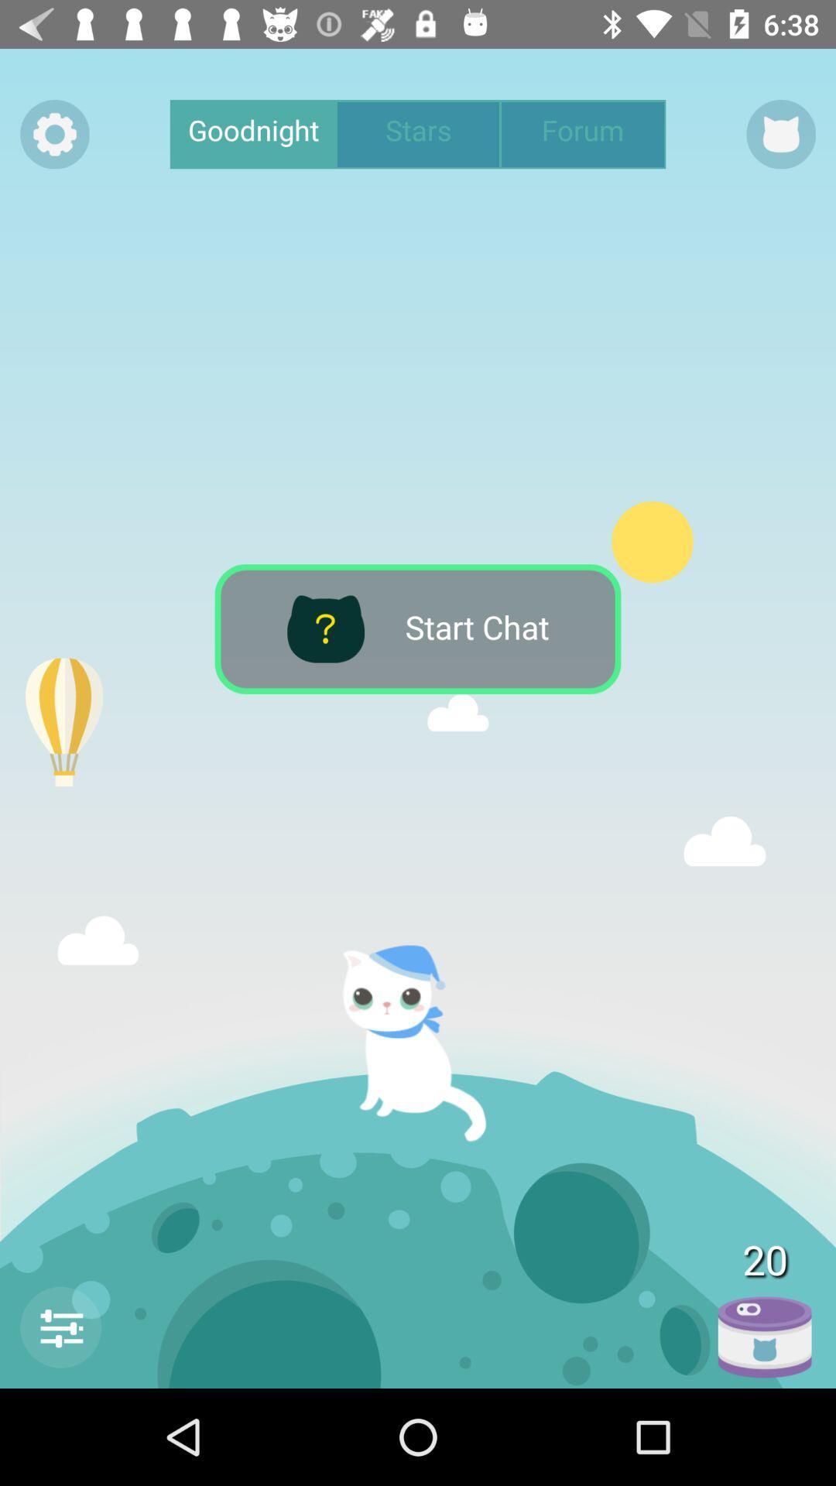 Image resolution: width=836 pixels, height=1486 pixels. What do you see at coordinates (428, 1044) in the screenshot?
I see `the image below start chart` at bounding box center [428, 1044].